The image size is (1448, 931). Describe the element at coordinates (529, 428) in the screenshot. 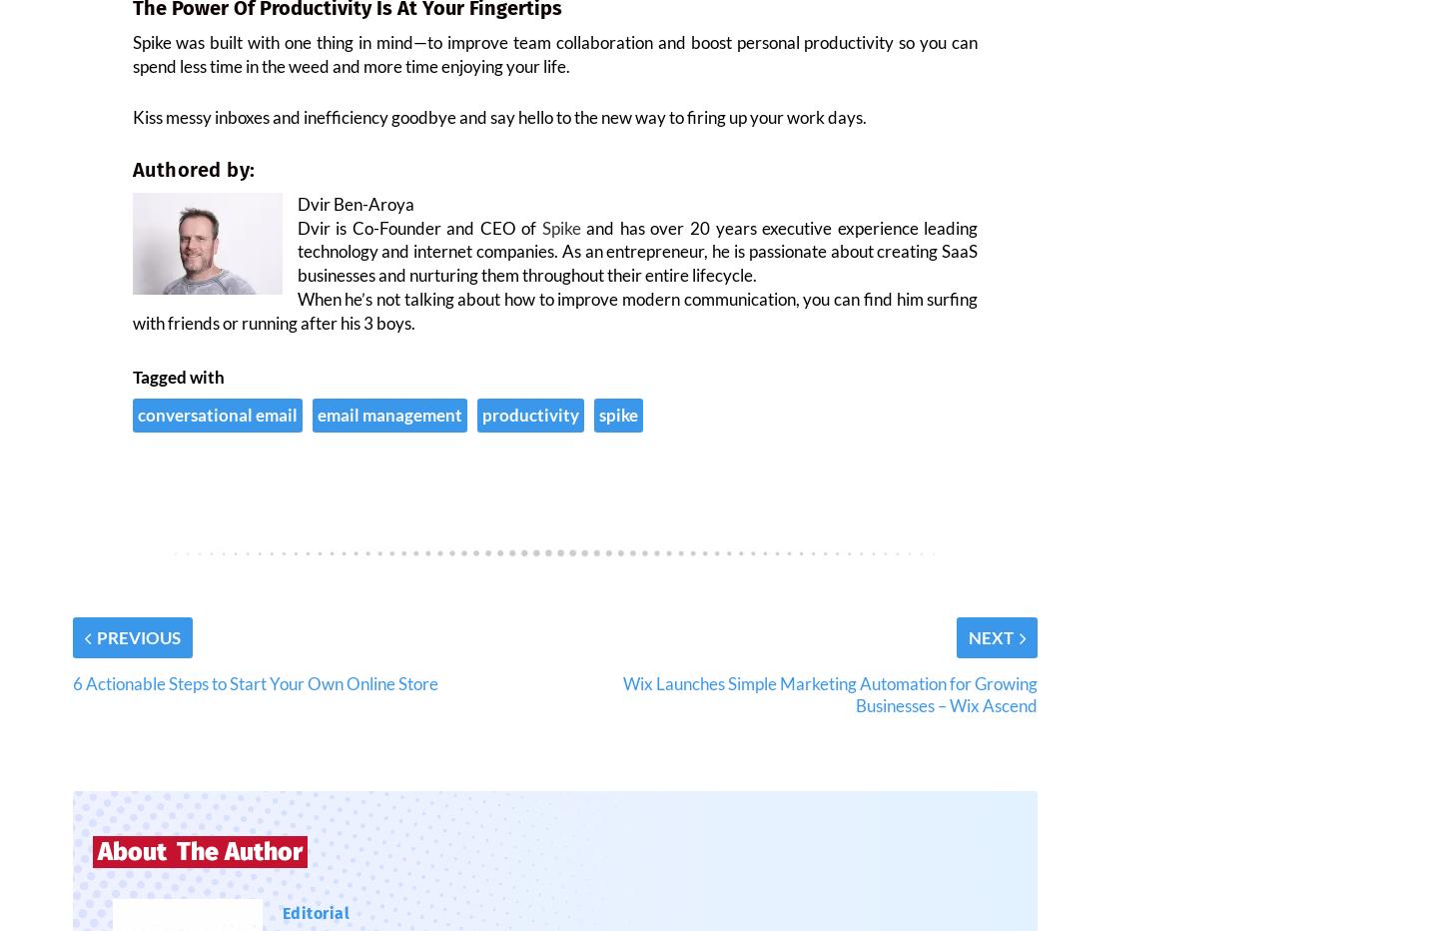

I see `'productivity'` at that location.